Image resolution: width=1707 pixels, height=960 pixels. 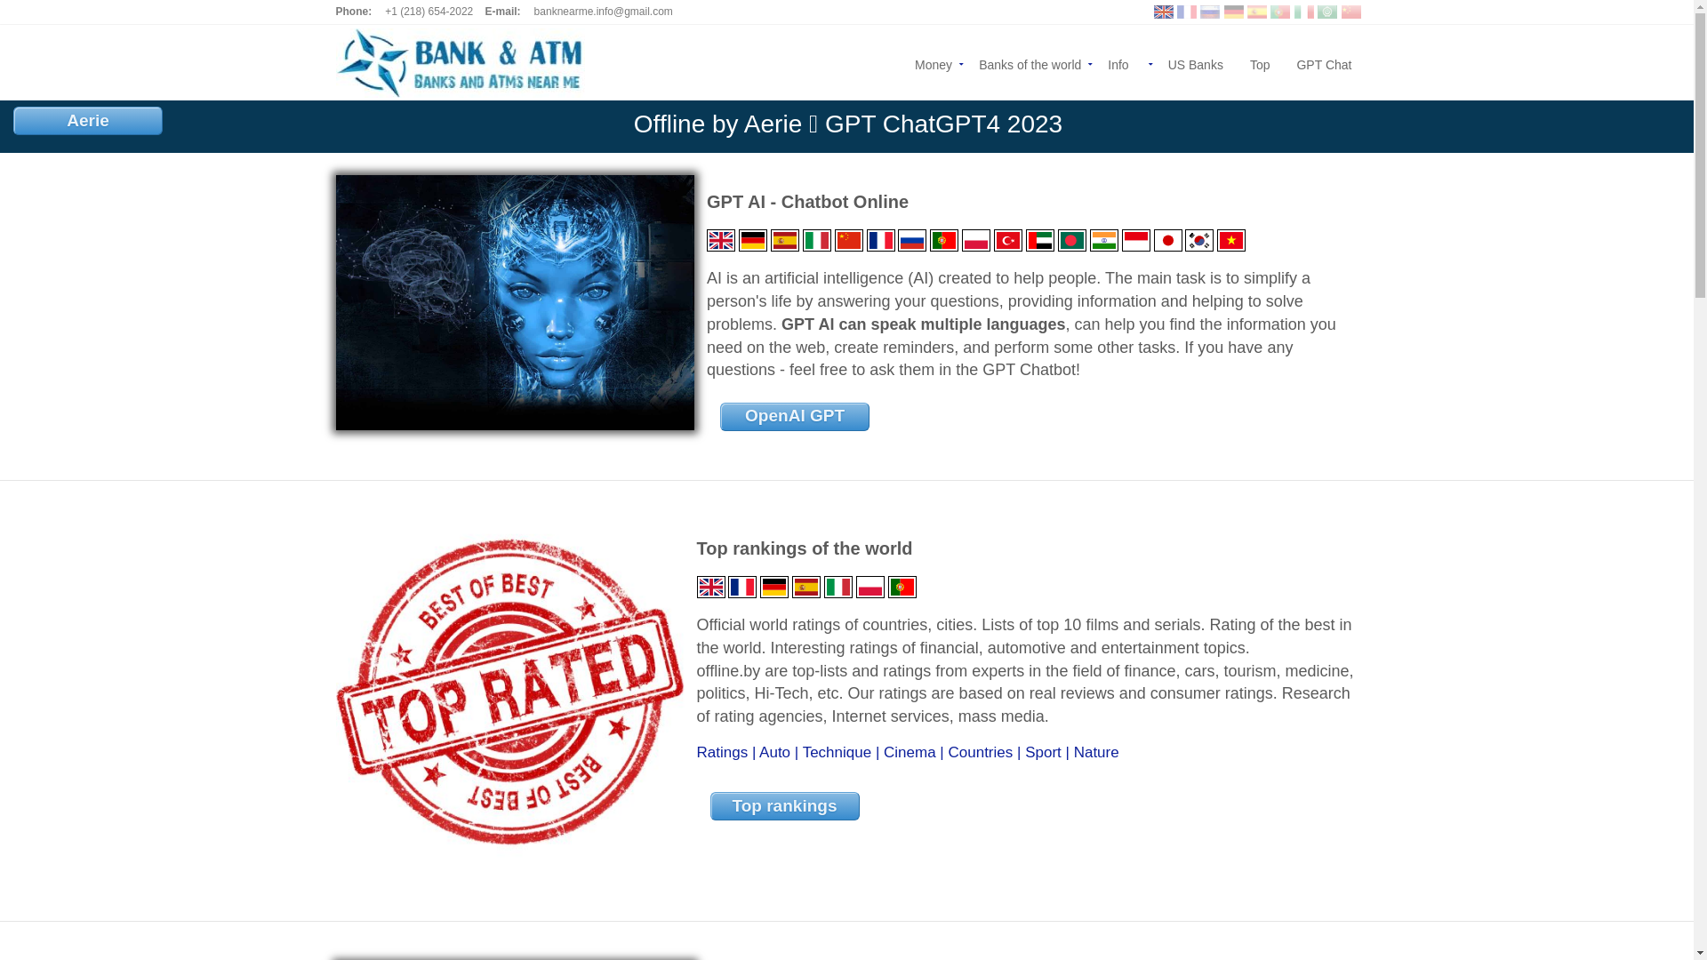 I want to click on 'Aerie', so click(x=87, y=120).